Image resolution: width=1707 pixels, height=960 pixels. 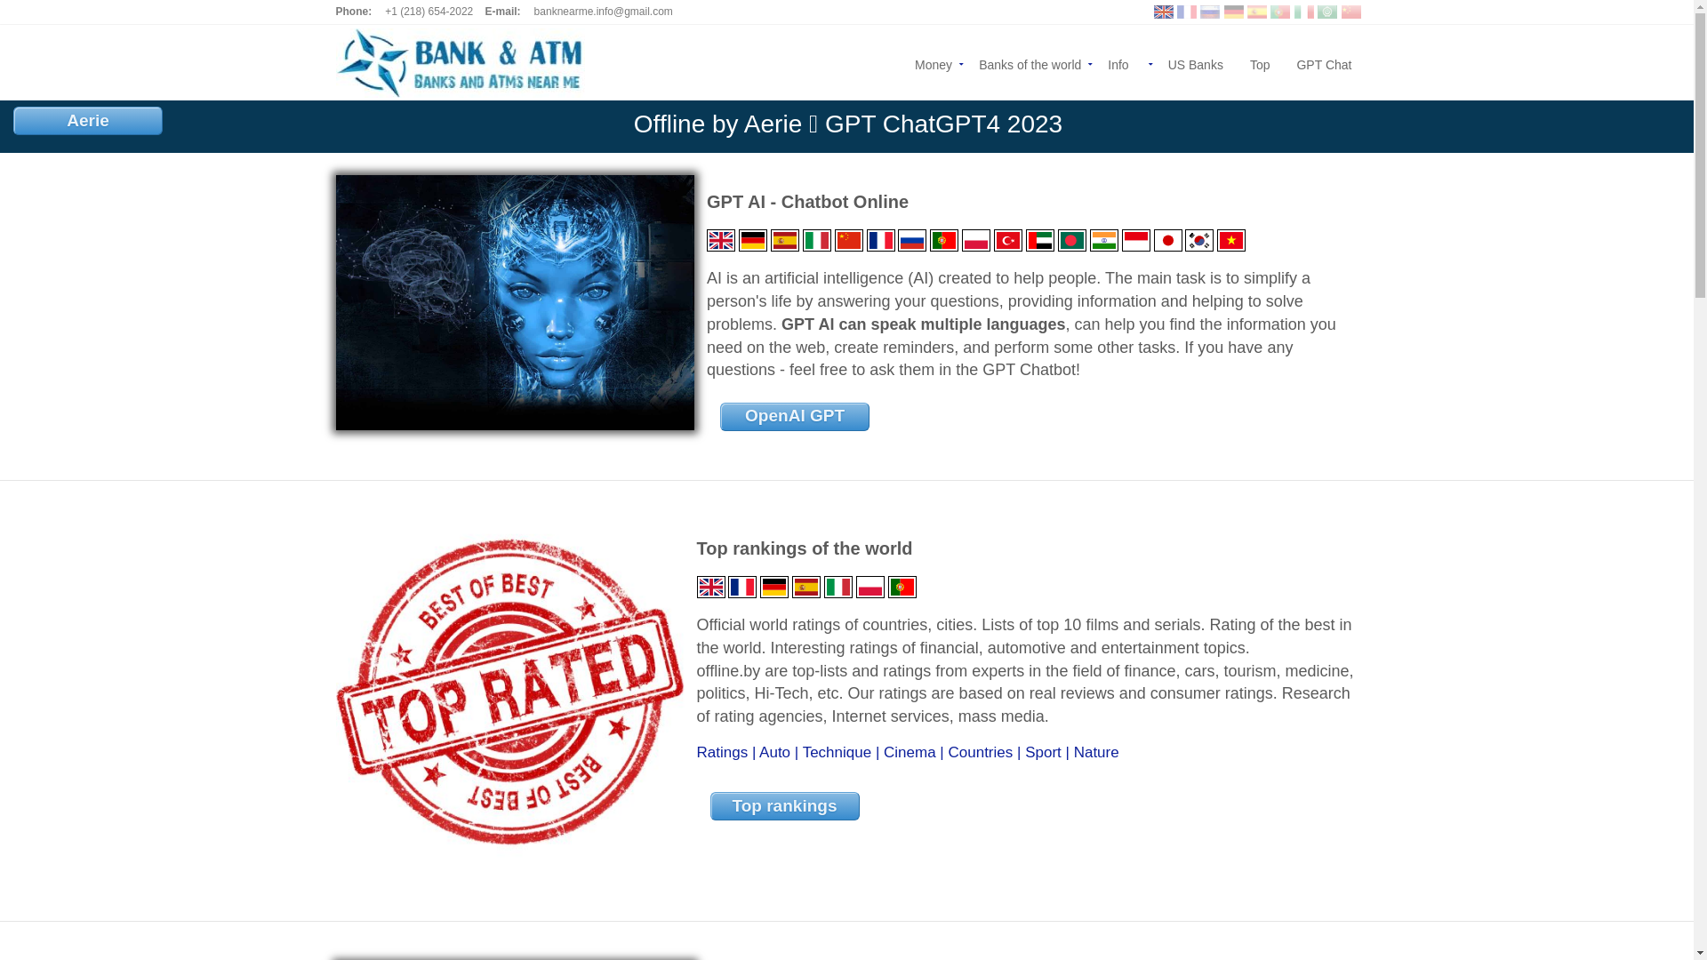 I want to click on 'Aerie', so click(x=87, y=120).